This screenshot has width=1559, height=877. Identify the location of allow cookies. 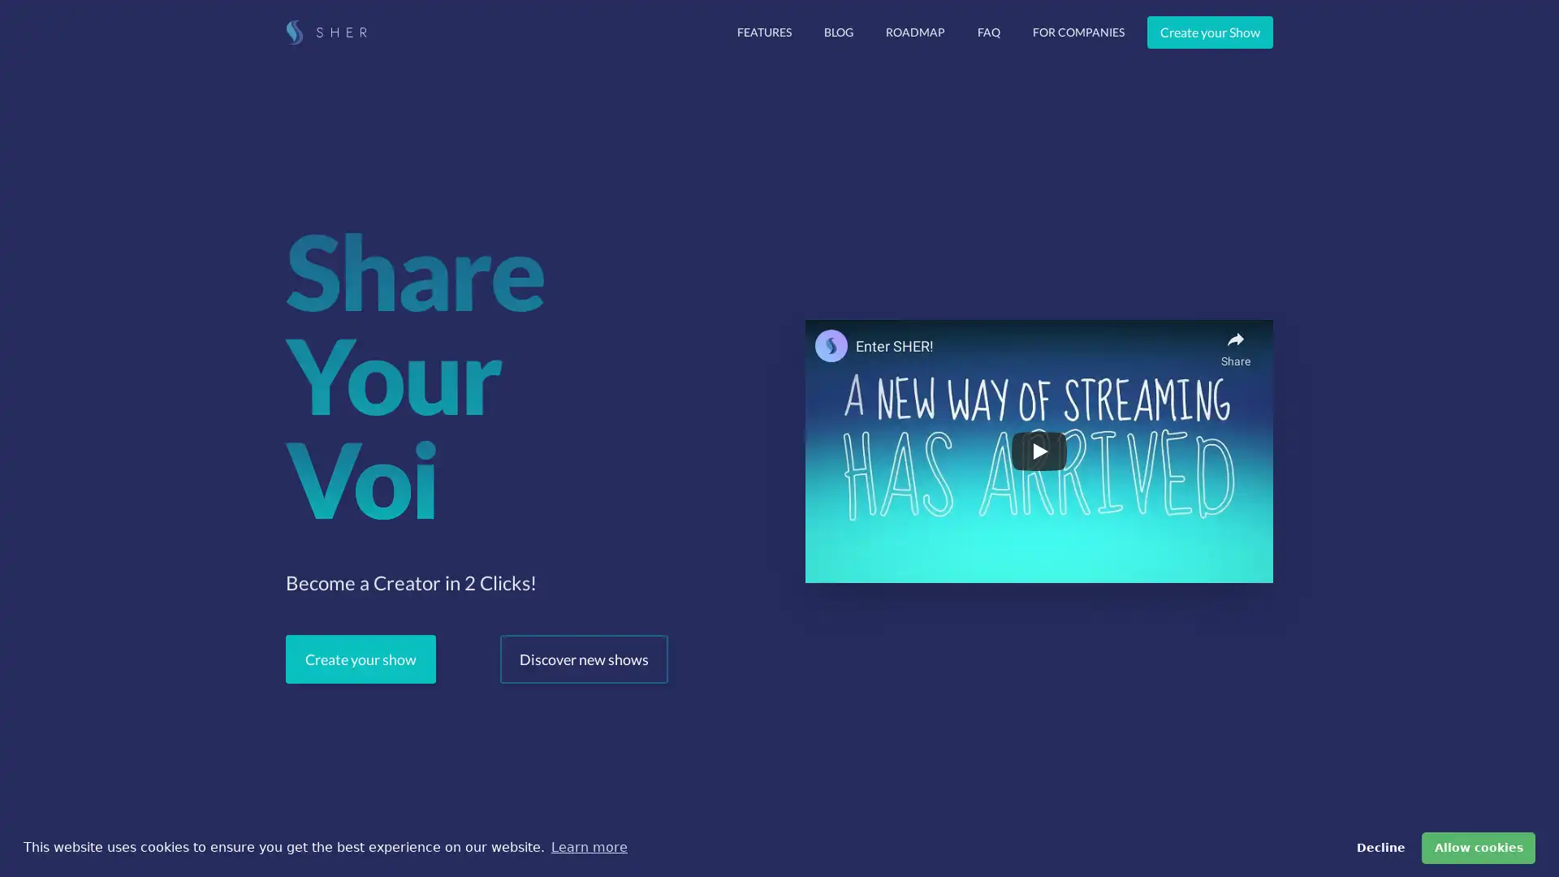
(1478, 847).